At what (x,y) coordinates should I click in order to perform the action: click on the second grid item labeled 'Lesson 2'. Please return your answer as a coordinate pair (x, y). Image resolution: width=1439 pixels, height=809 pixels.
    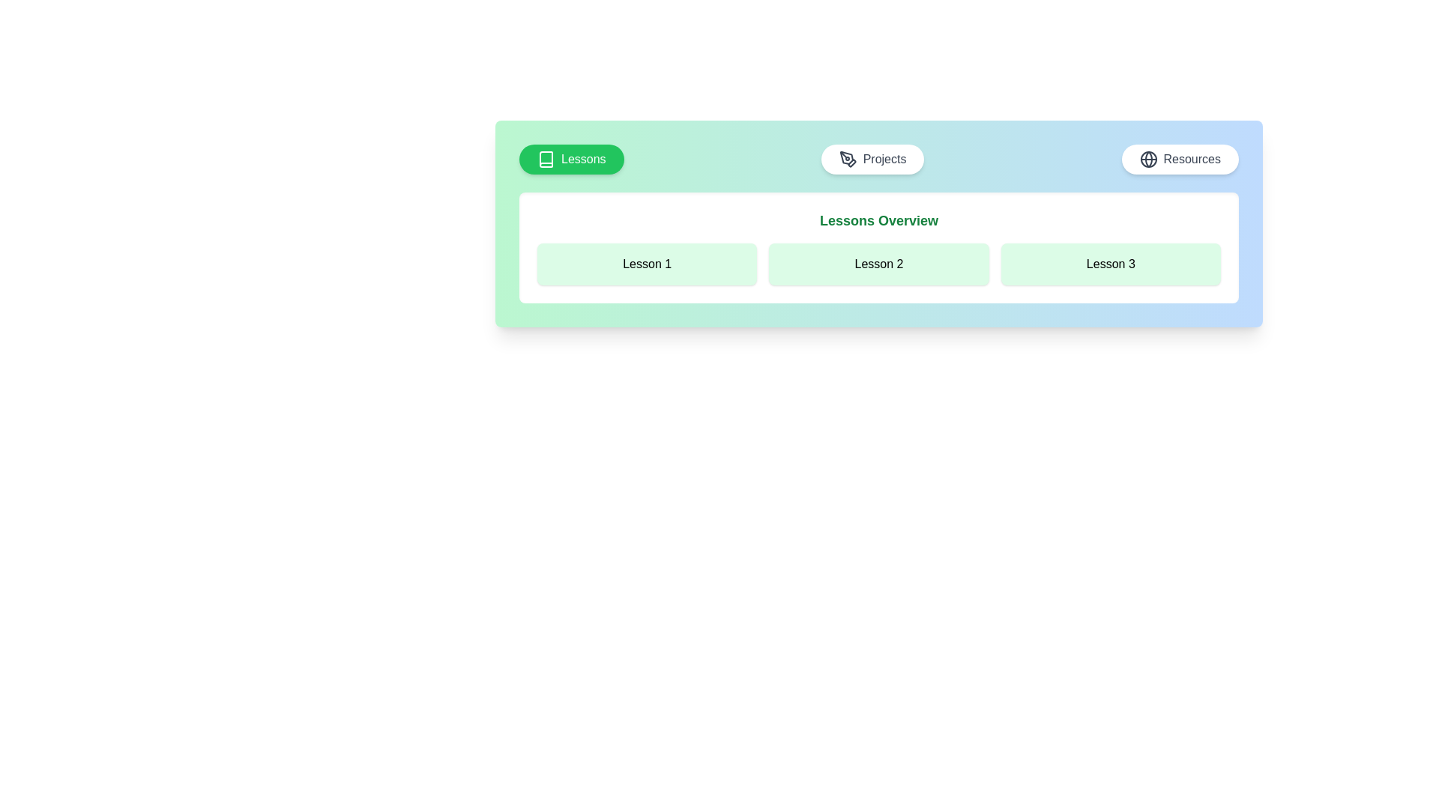
    Looking at the image, I should click on (878, 264).